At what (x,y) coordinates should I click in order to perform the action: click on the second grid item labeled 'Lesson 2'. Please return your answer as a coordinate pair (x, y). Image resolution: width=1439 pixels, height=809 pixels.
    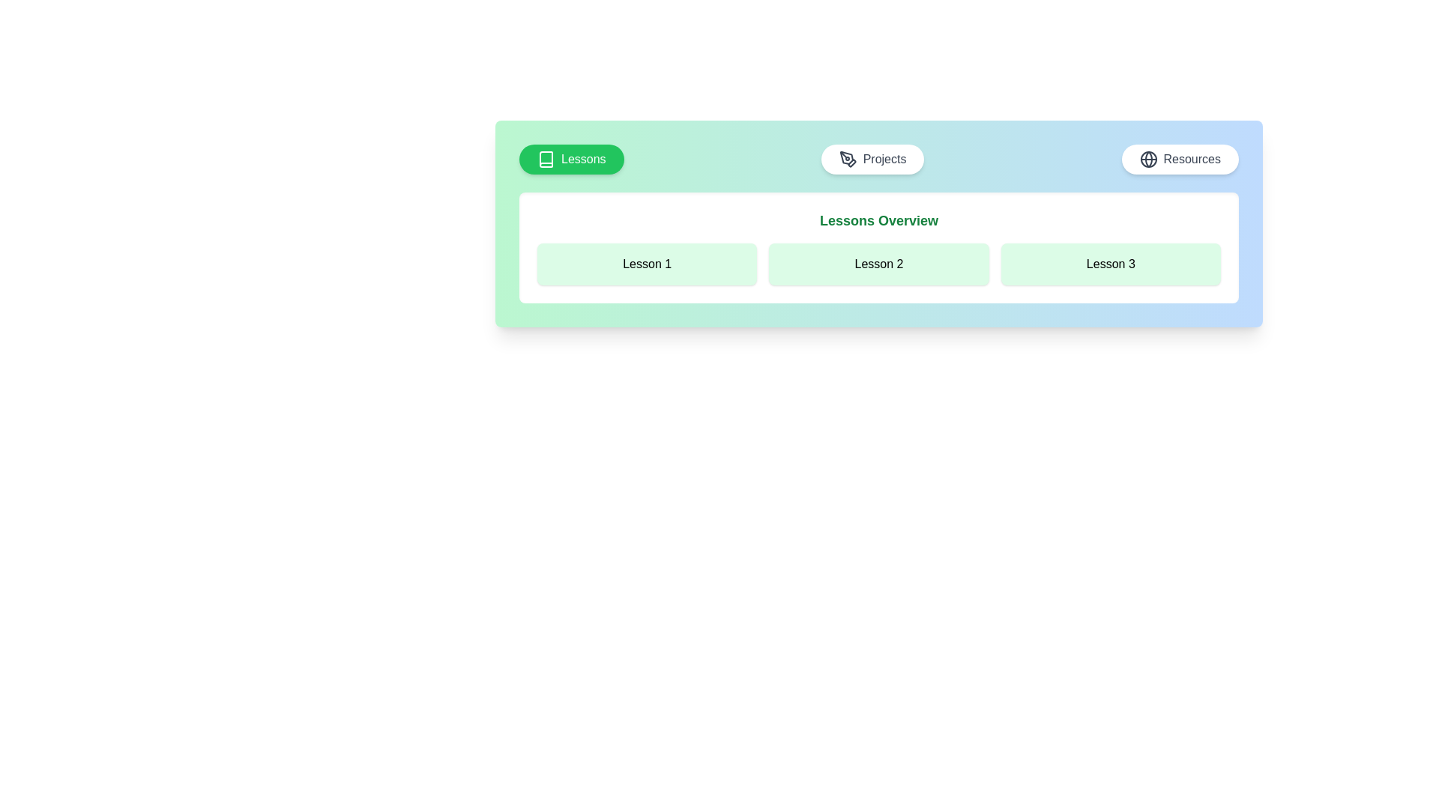
    Looking at the image, I should click on (878, 264).